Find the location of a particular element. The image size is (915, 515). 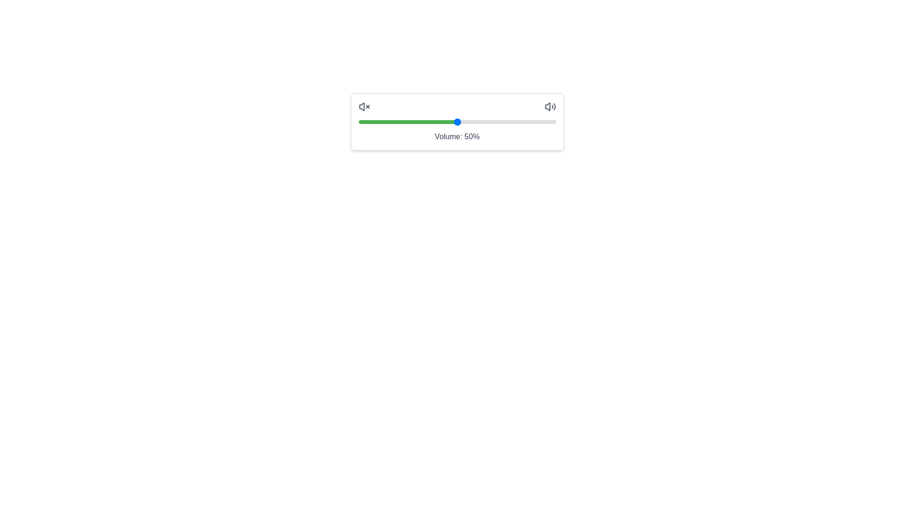

the volume level is located at coordinates (475, 121).